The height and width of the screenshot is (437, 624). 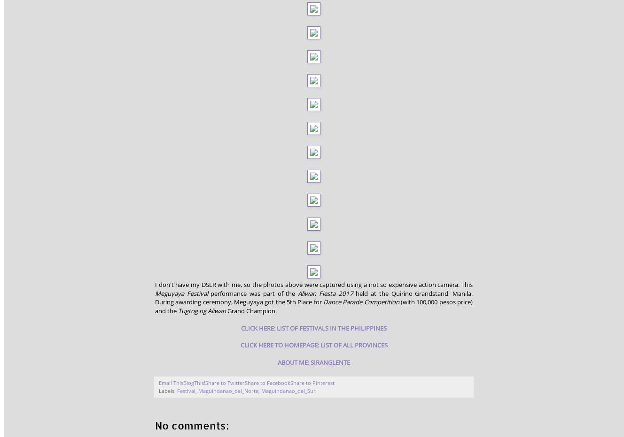 I want to click on 'Grand Champion.', so click(x=251, y=310).